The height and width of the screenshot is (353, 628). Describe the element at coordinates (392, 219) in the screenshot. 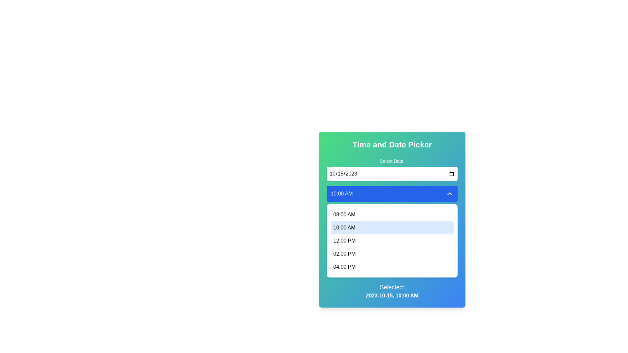

I see `the second item in the 'Time and Date Picker' dropdown list to observe its hover style` at that location.